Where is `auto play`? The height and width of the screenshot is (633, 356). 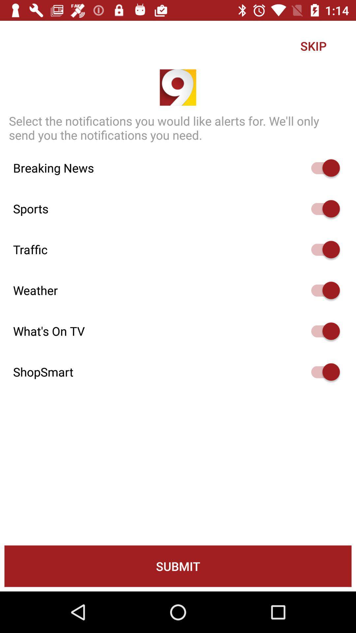 auto play is located at coordinates (322, 168).